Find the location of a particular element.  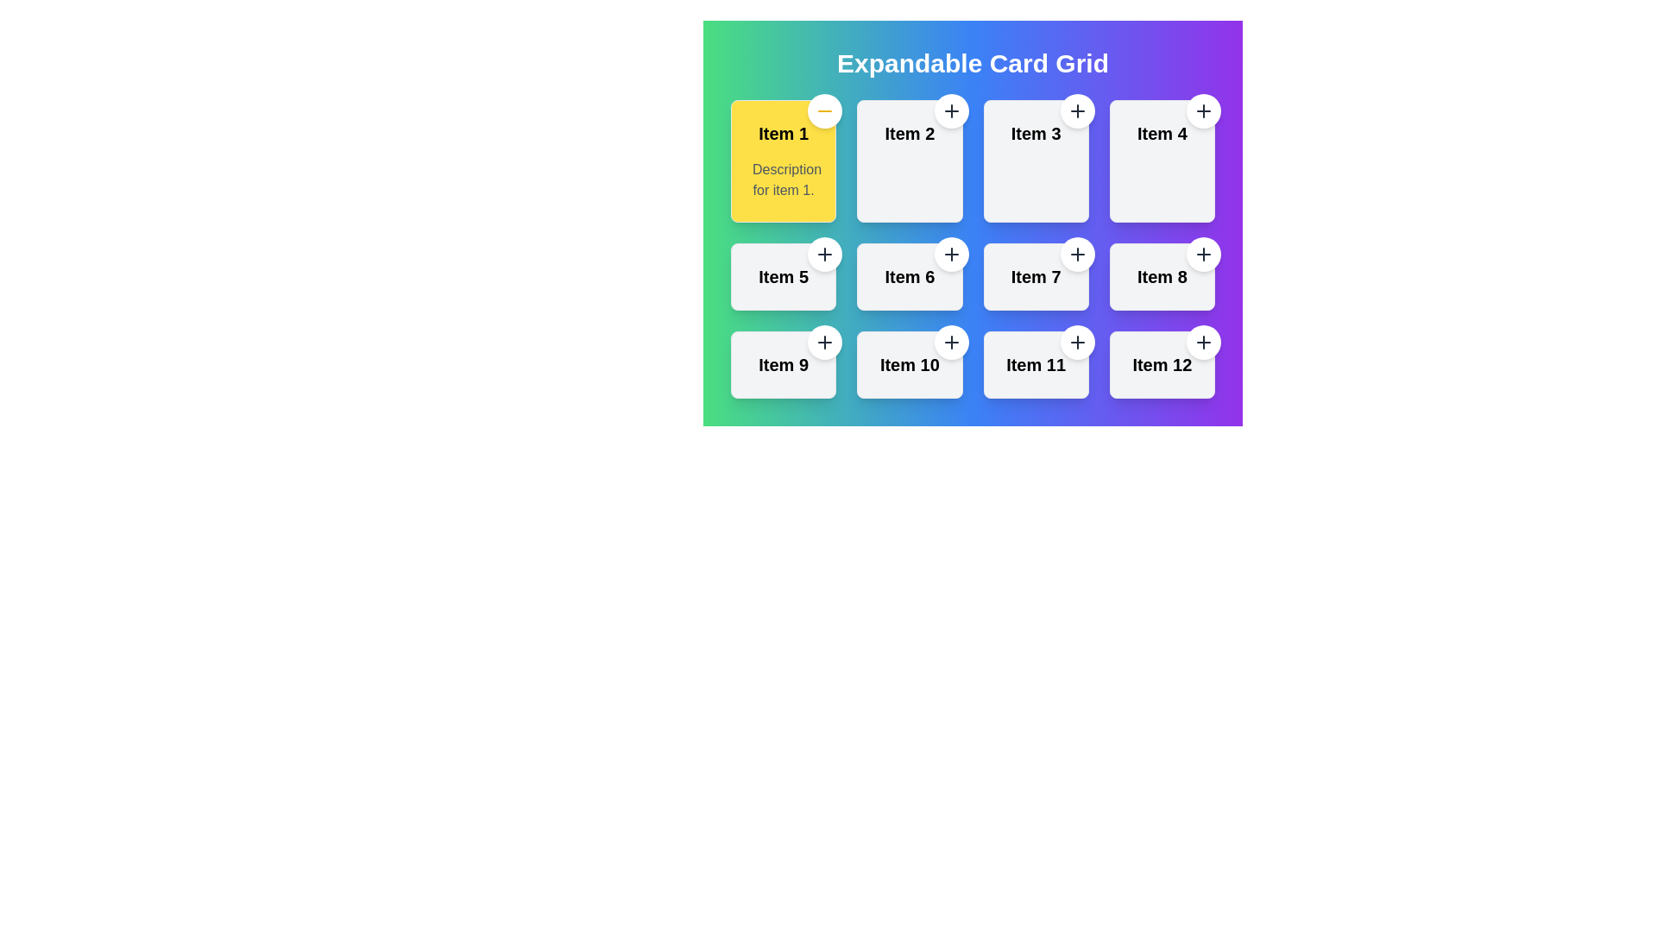

the text label displaying 'Item 2' that is located within a gray rectangular card in the top row of a grid layout is located at coordinates (909, 132).